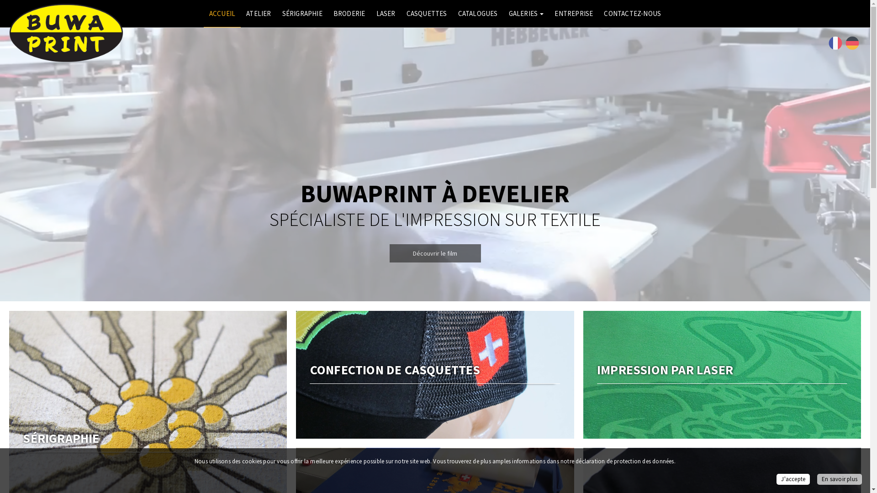 The width and height of the screenshot is (877, 493). What do you see at coordinates (349, 14) in the screenshot?
I see `'BRODERIE'` at bounding box center [349, 14].